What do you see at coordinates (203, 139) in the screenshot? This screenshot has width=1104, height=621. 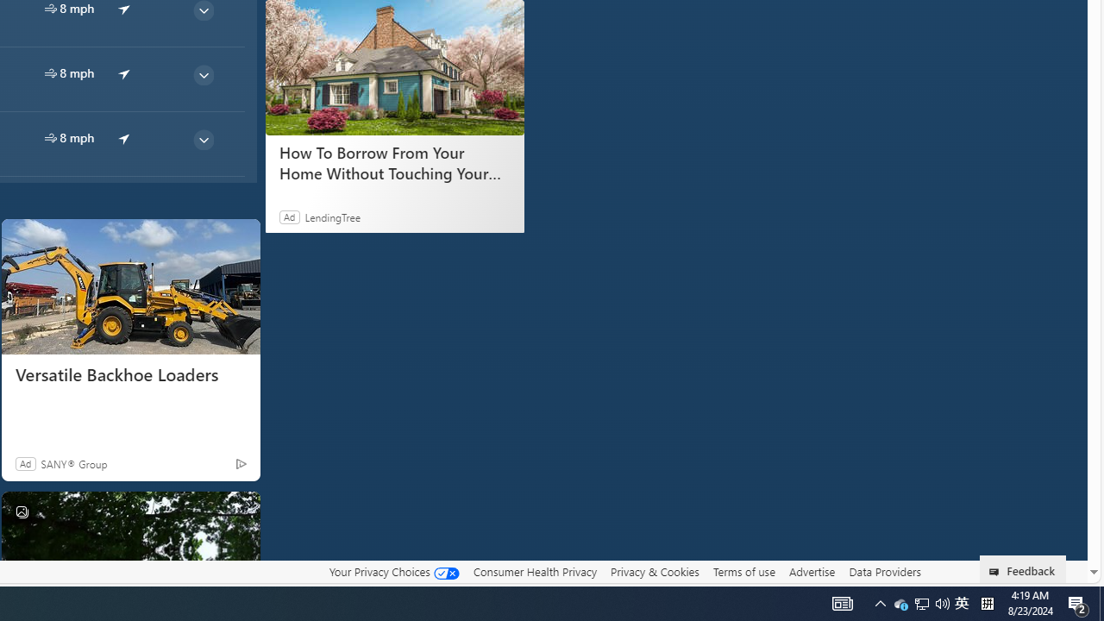 I see `'common/thinArrow'` at bounding box center [203, 139].